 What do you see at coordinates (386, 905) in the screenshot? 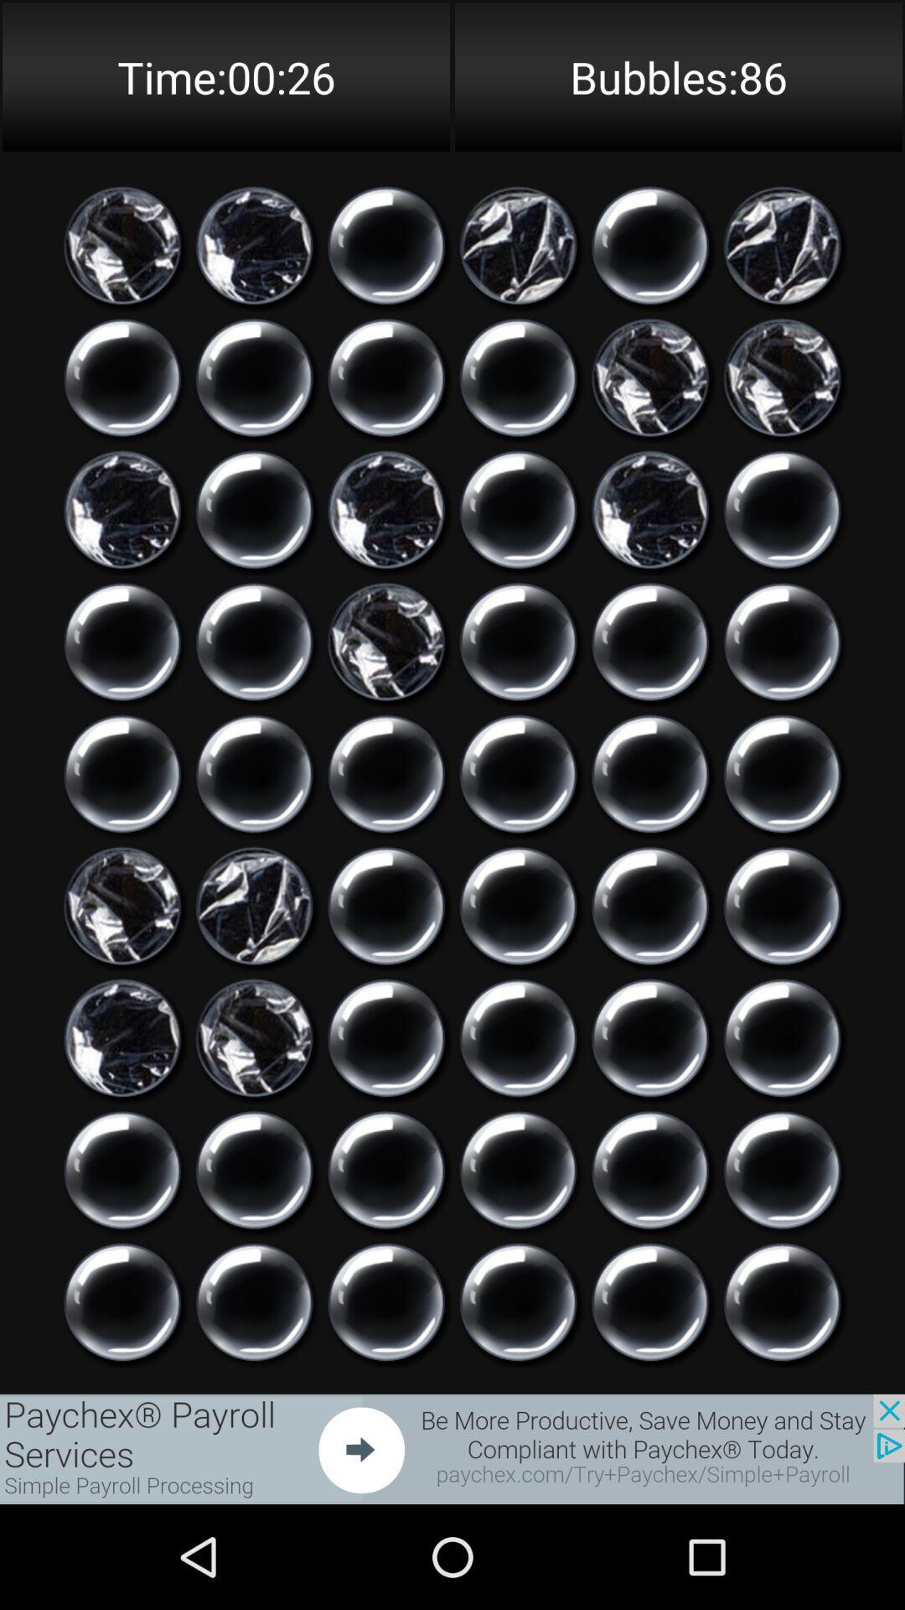
I see `click bubble` at bounding box center [386, 905].